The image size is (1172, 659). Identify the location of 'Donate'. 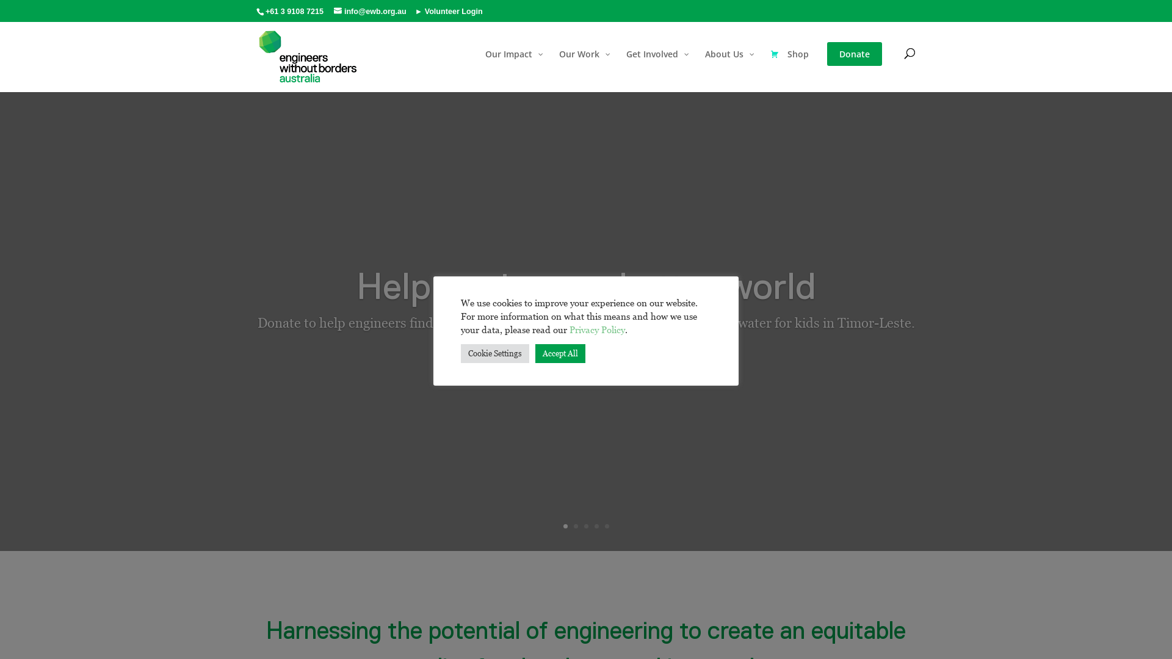
(854, 70).